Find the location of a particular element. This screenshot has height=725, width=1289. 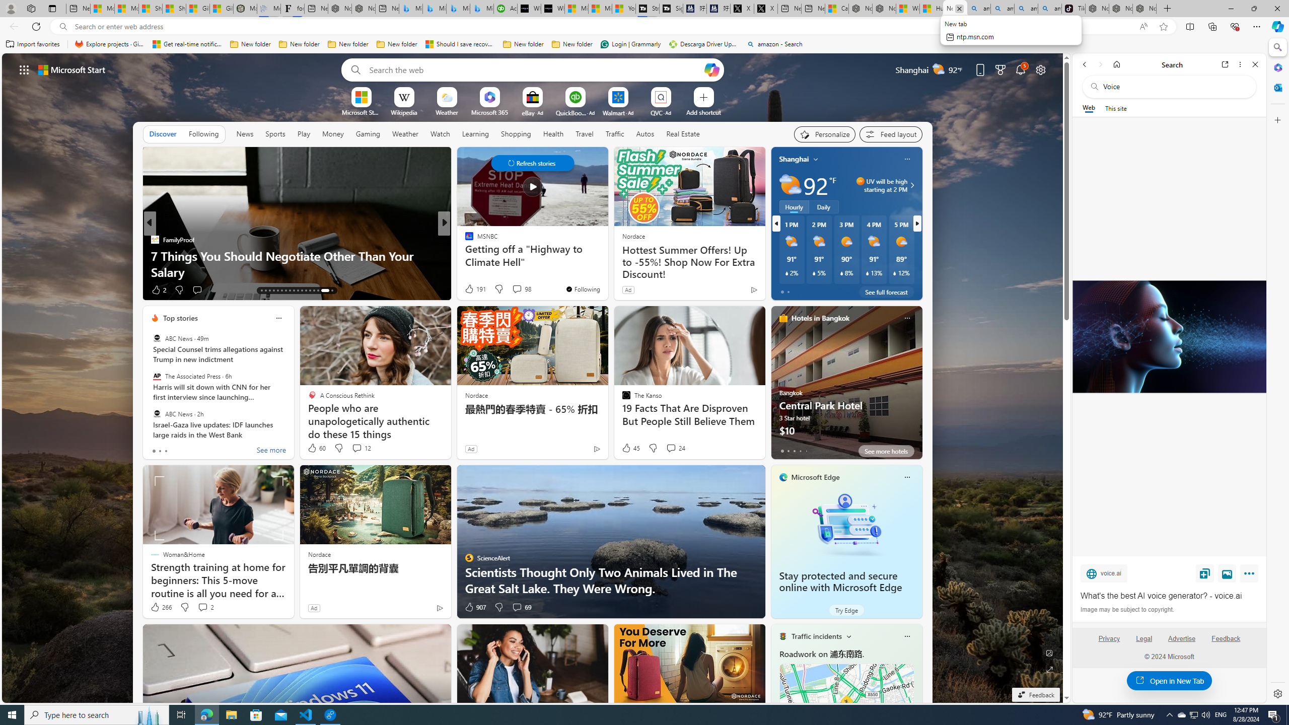

'UV will be high starting at 2 PM' is located at coordinates (910, 185).